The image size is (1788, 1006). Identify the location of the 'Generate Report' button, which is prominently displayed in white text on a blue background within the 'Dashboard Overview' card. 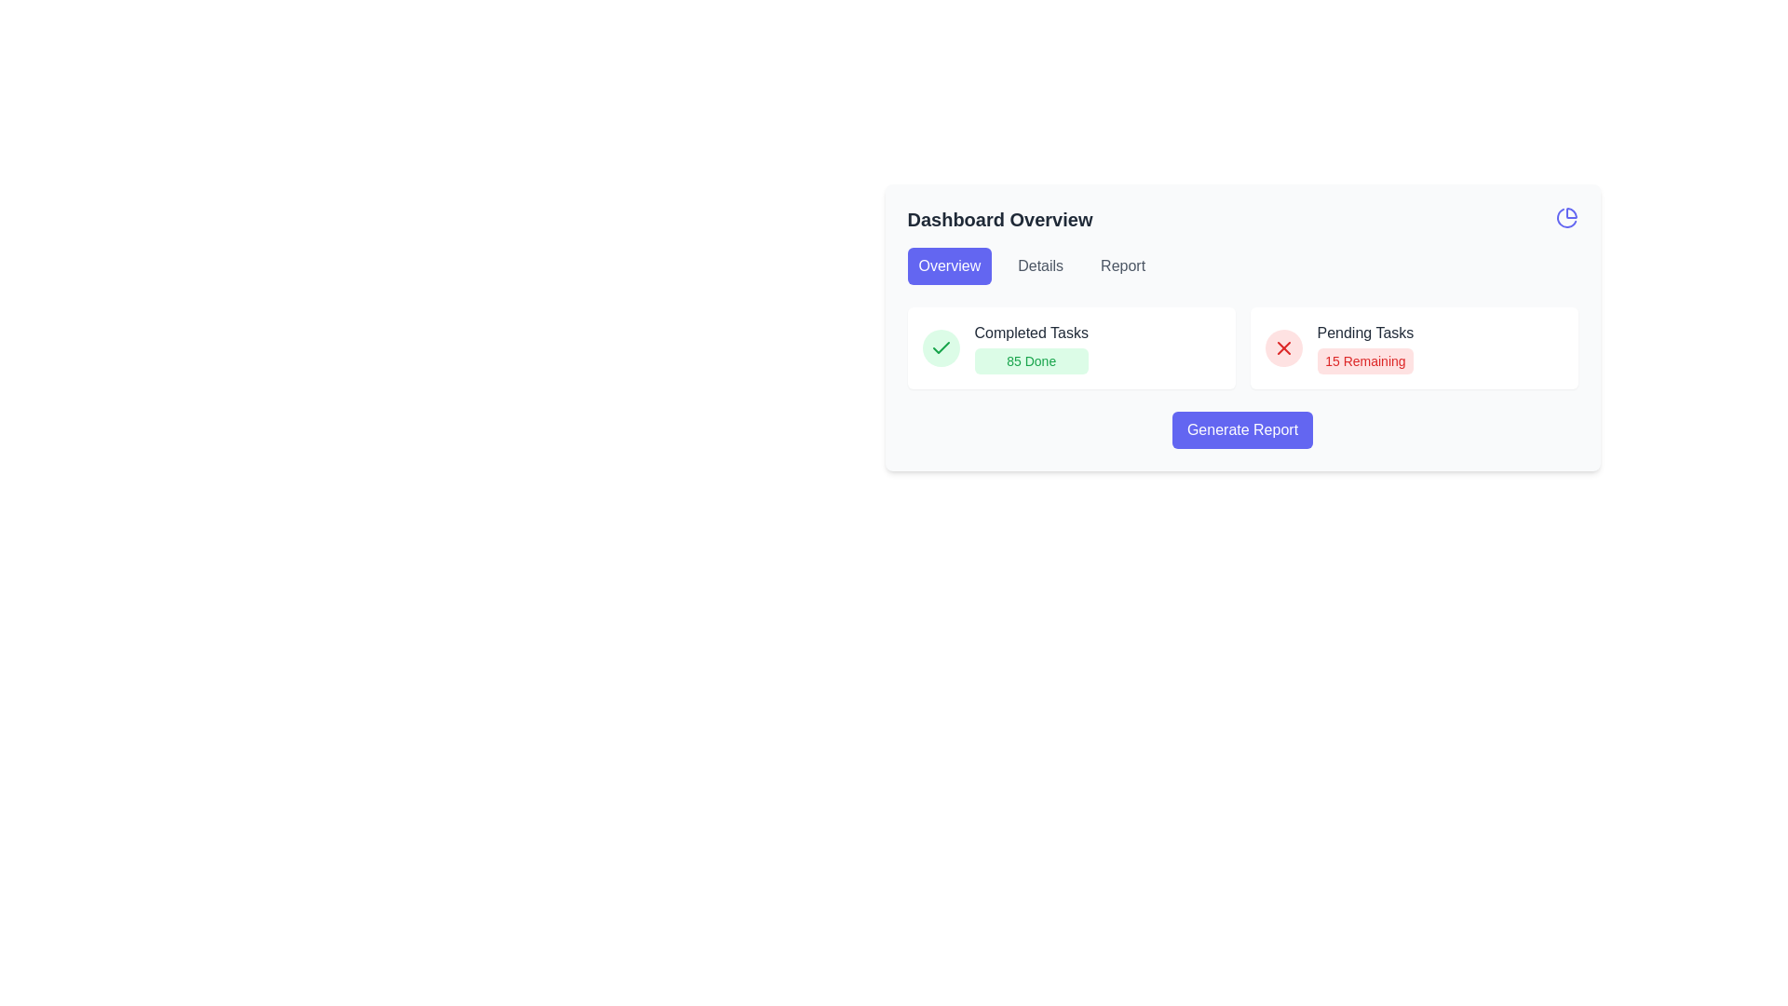
(1242, 430).